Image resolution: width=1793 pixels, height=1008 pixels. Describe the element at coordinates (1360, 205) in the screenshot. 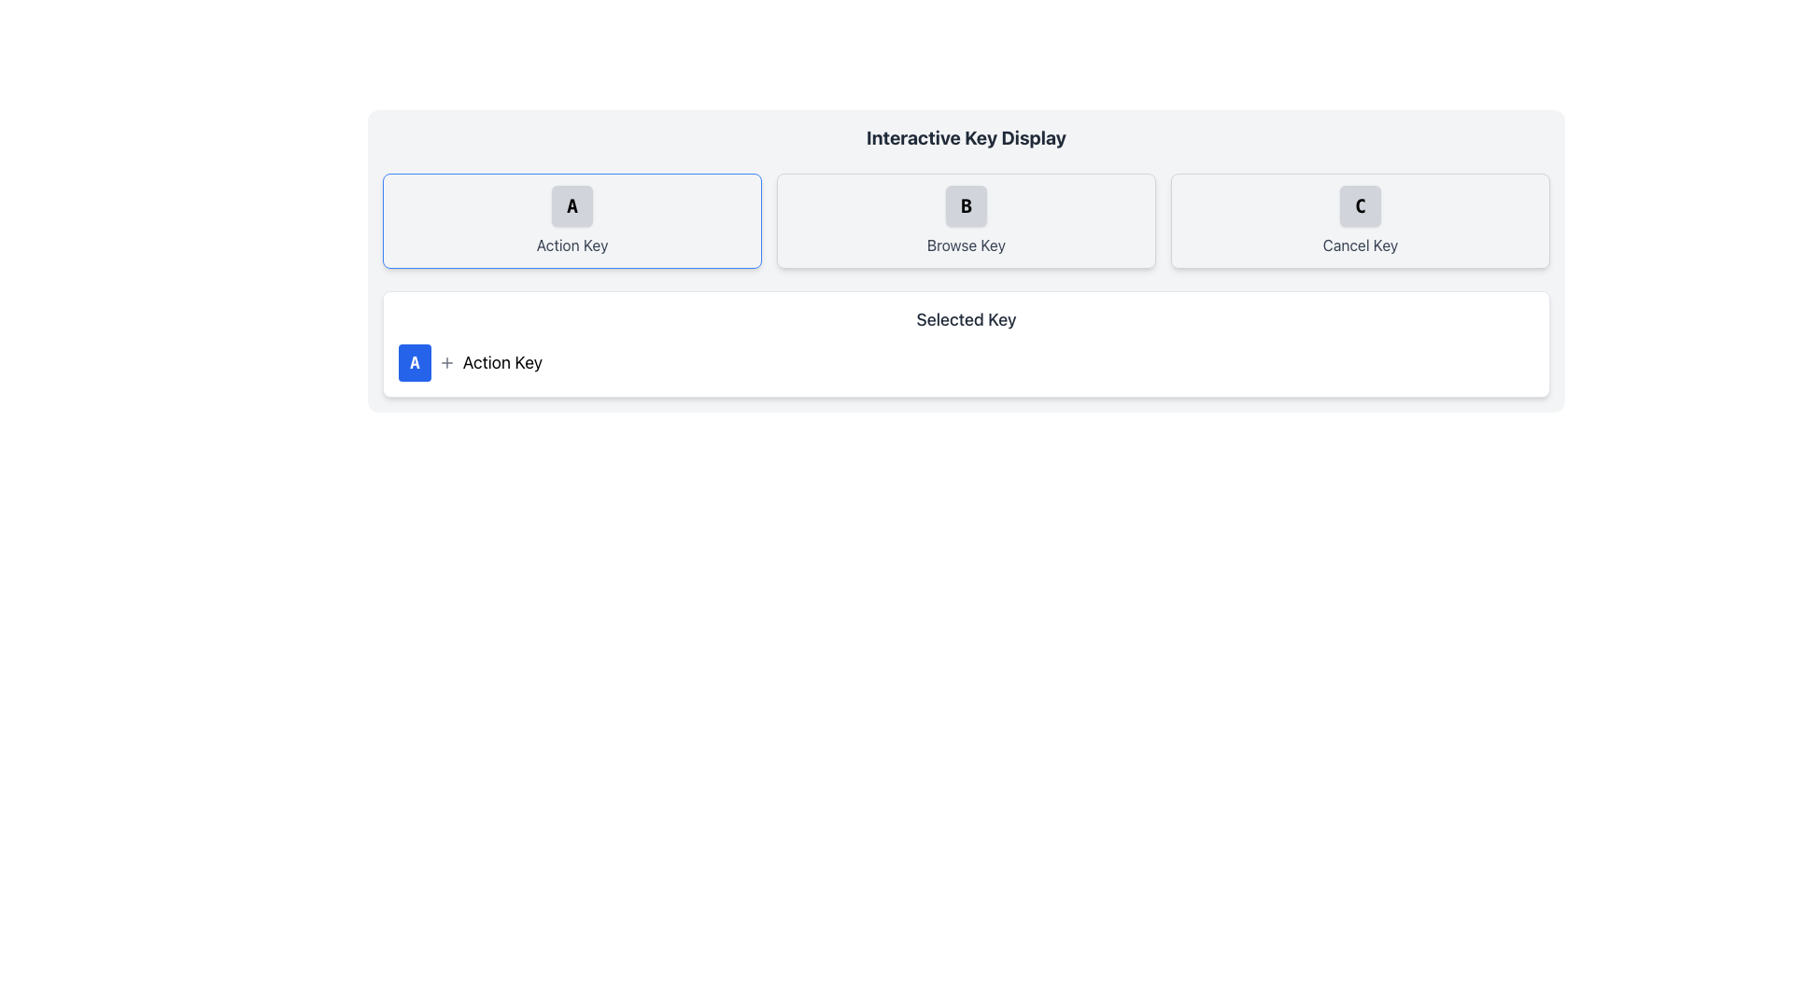

I see `the text label representing the character 'C', which signifies the 'Cancel Key' function on the button labeled 'Cancel Key'` at that location.